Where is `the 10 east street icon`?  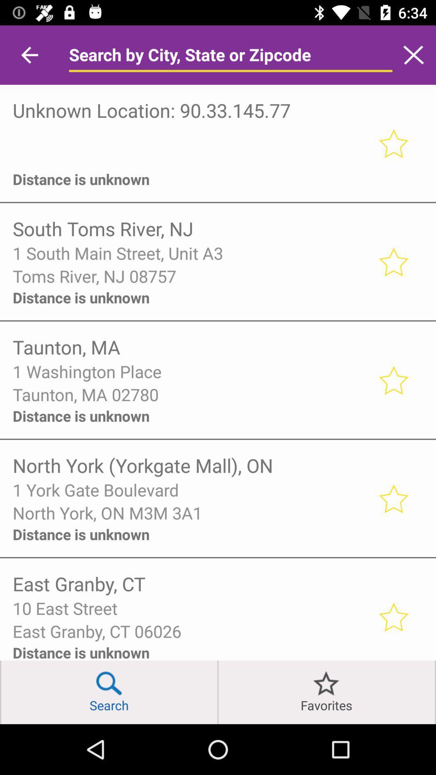 the 10 east street icon is located at coordinates (190, 608).